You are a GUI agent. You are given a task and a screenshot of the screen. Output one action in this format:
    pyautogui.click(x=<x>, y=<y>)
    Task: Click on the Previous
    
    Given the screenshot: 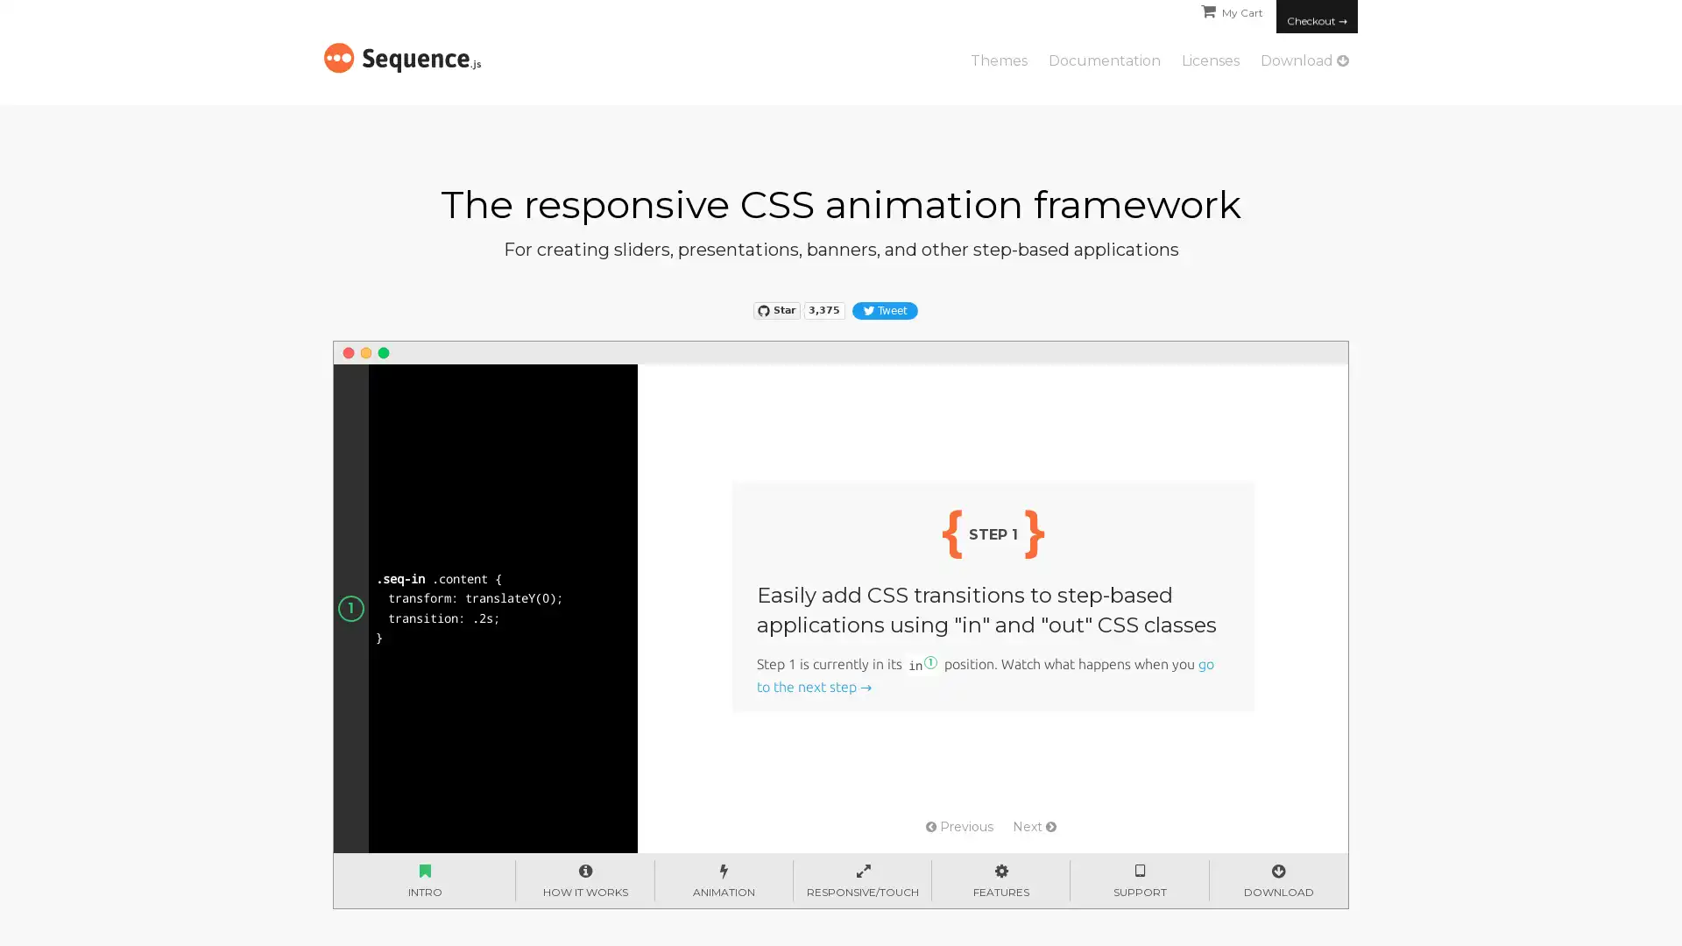 What is the action you would take?
    pyautogui.click(x=958, y=827)
    